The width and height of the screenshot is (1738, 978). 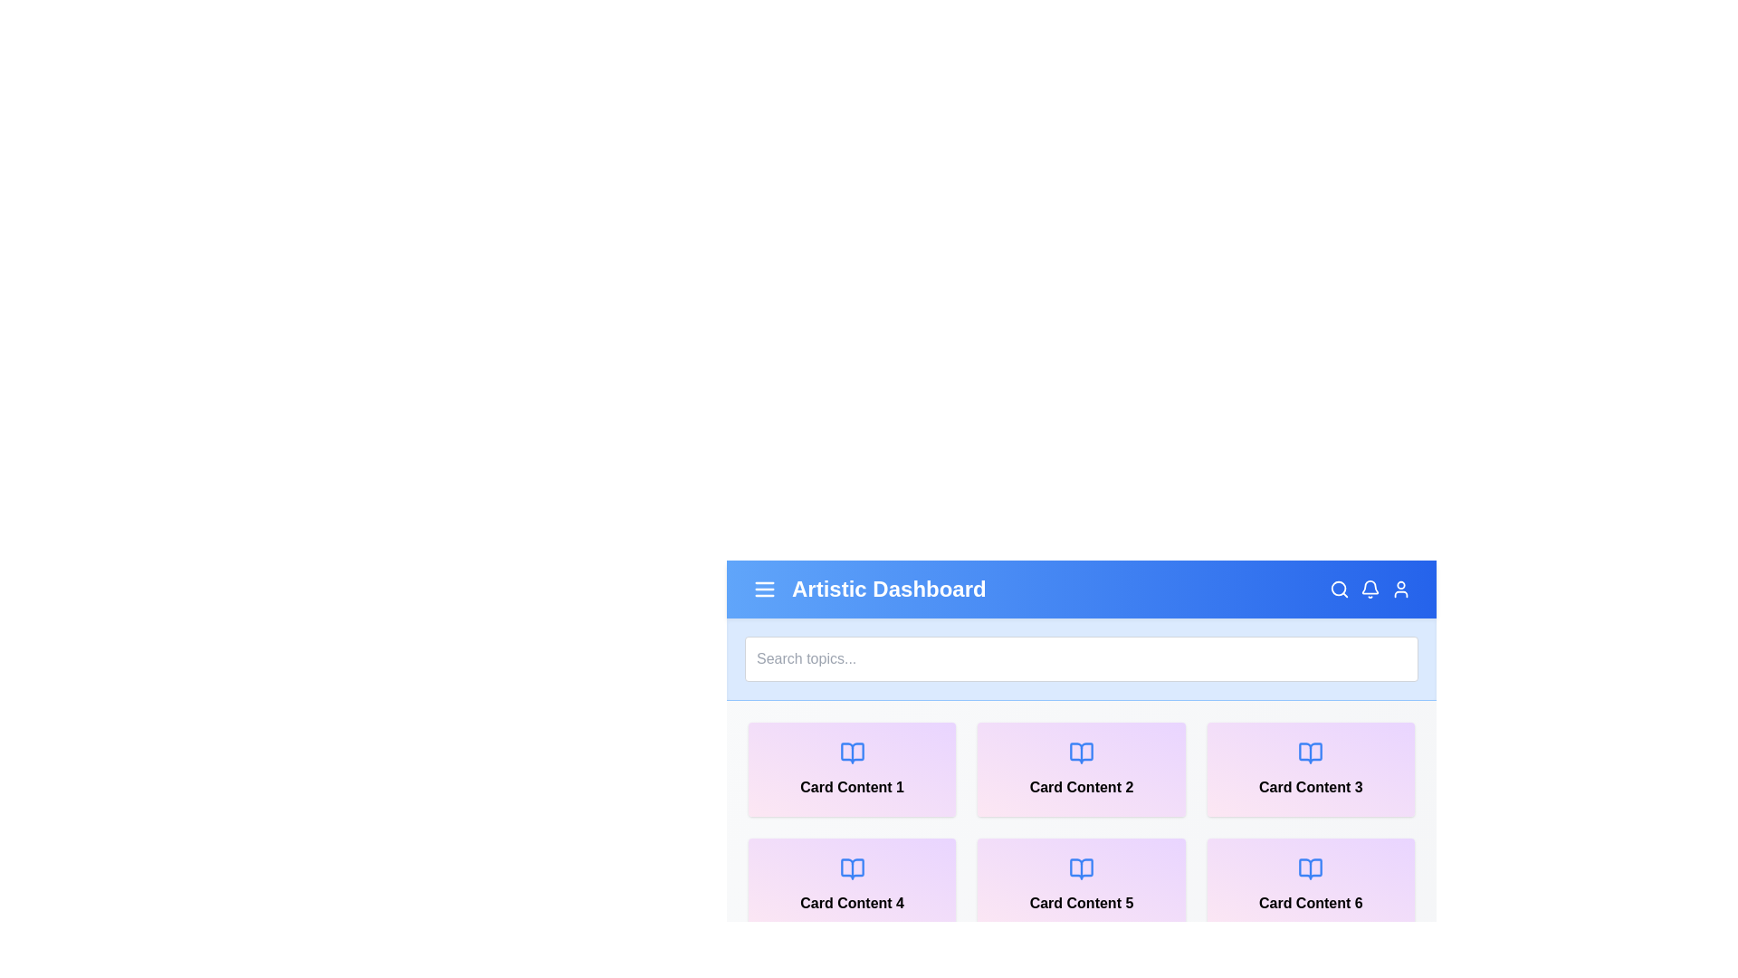 I want to click on the navigation bar elements: user_icon, so click(x=1400, y=590).